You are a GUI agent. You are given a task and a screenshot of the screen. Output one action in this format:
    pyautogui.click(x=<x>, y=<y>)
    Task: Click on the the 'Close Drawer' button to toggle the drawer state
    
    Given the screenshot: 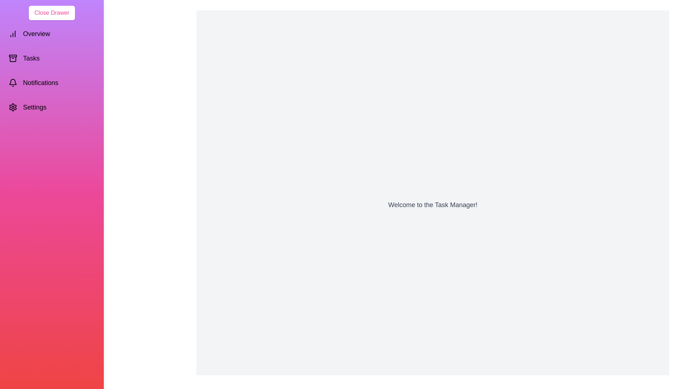 What is the action you would take?
    pyautogui.click(x=52, y=13)
    